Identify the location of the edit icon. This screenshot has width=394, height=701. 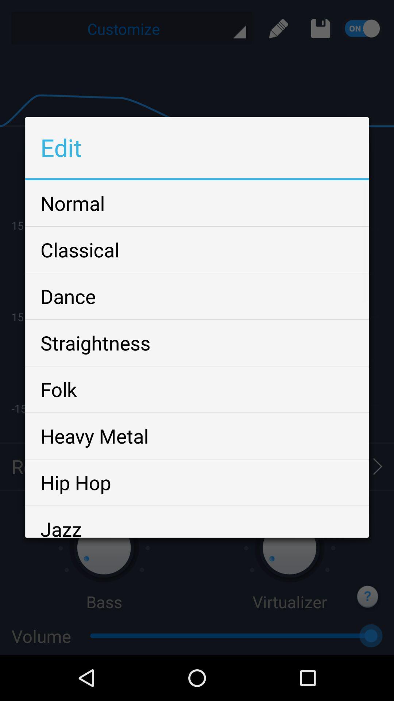
(278, 30).